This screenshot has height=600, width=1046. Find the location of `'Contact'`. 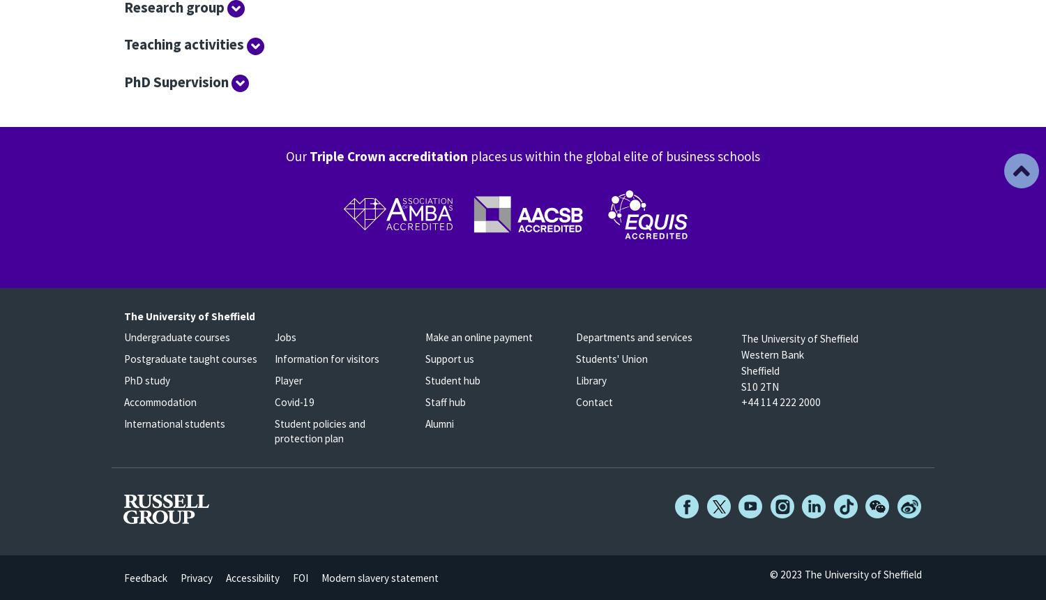

'Contact' is located at coordinates (593, 401).